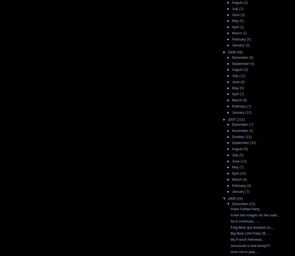 This screenshot has height=256, width=295. Describe the element at coordinates (245, 251) in the screenshot. I see `'Goin out to play.....'` at that location.